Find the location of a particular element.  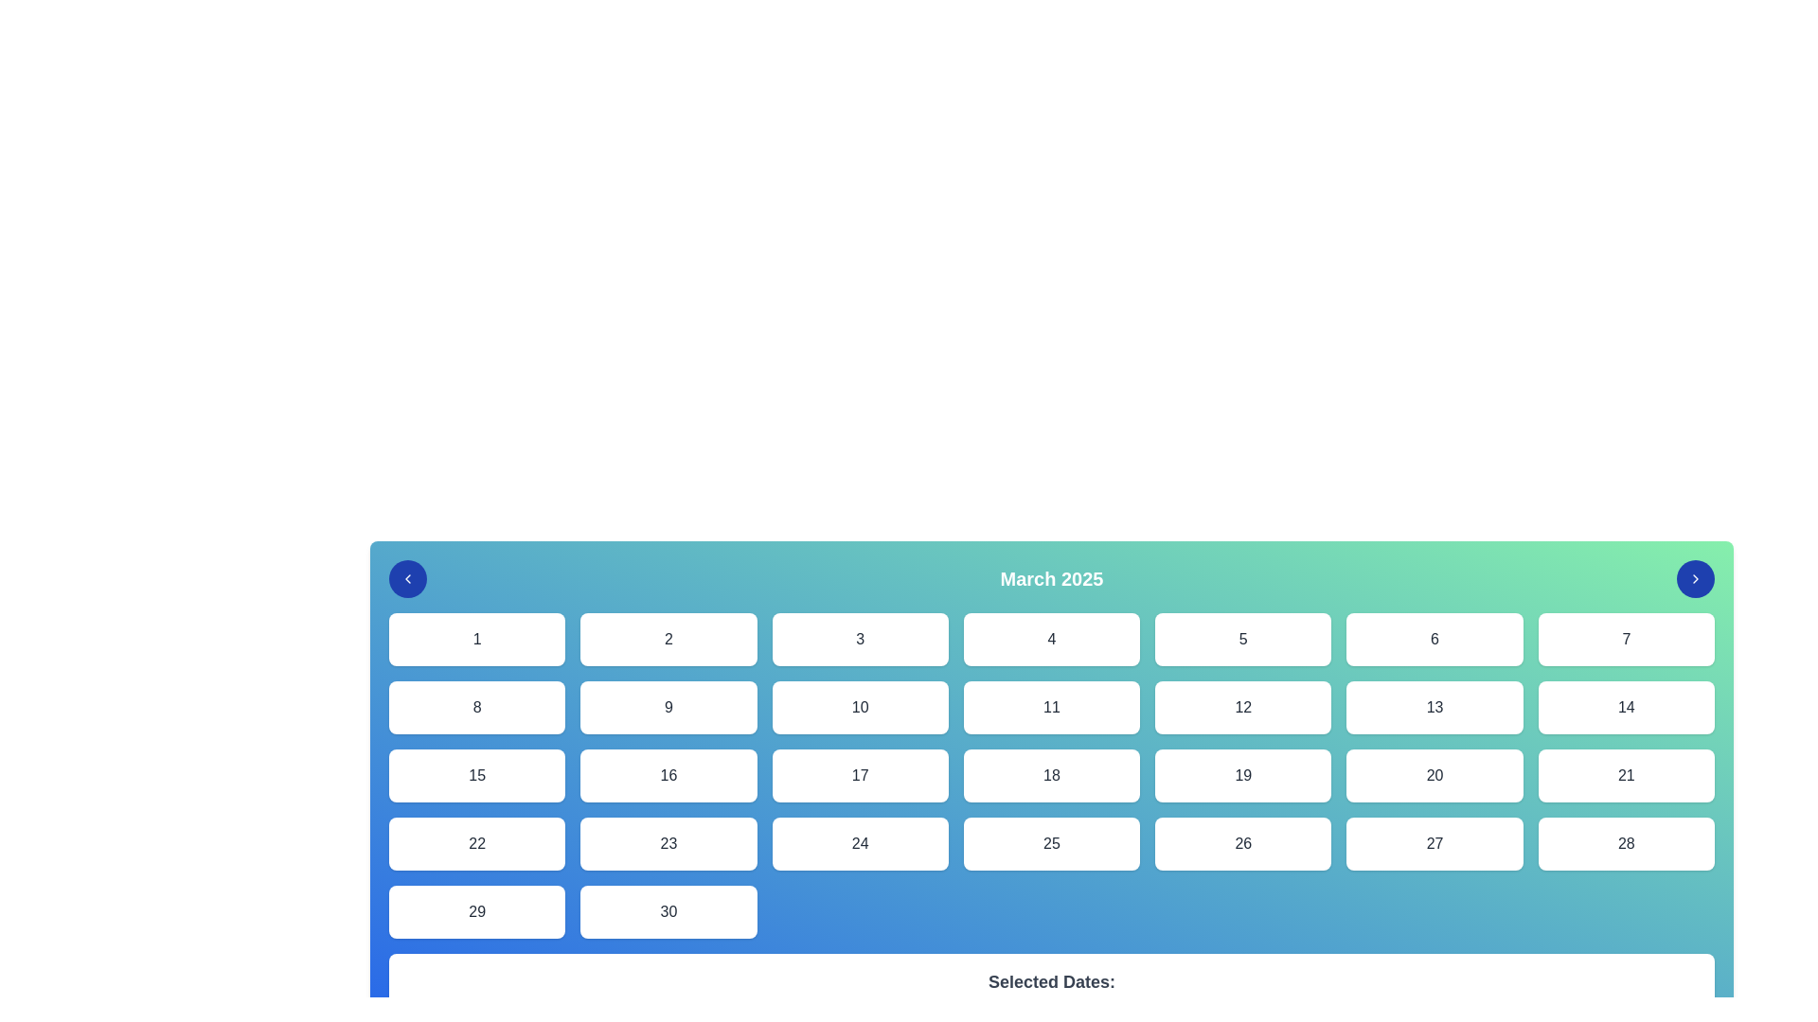

the button representing the date '3' in the calendar interface is located at coordinates (859, 639).